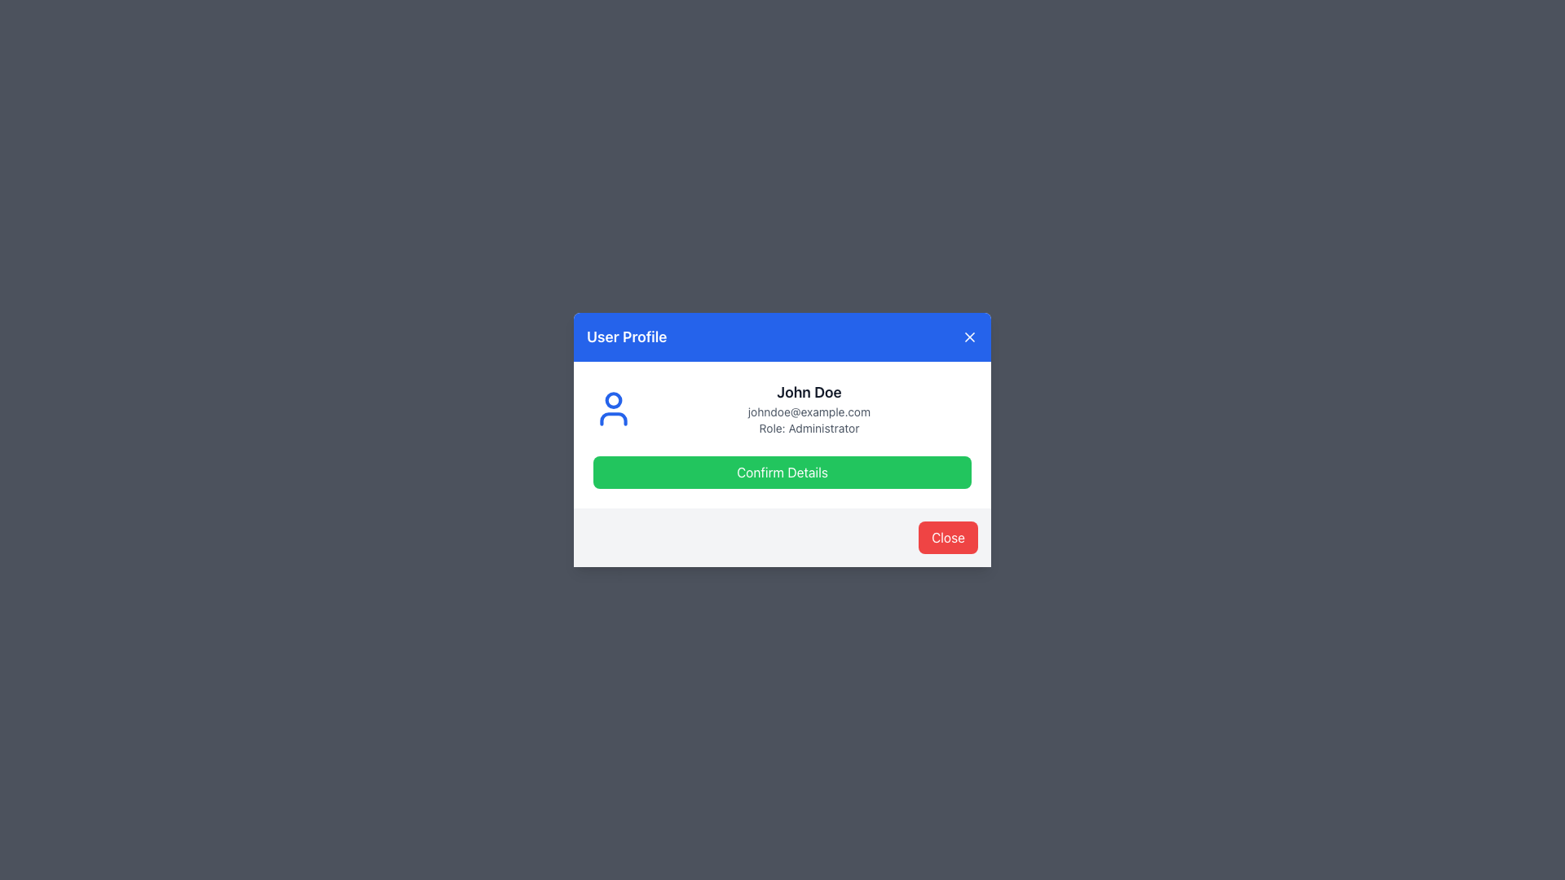 The height and width of the screenshot is (880, 1565). I want to click on the close button icon (X) located in the top-right corner of the modal window under the blue header area labeled 'User Profile', so click(970, 336).